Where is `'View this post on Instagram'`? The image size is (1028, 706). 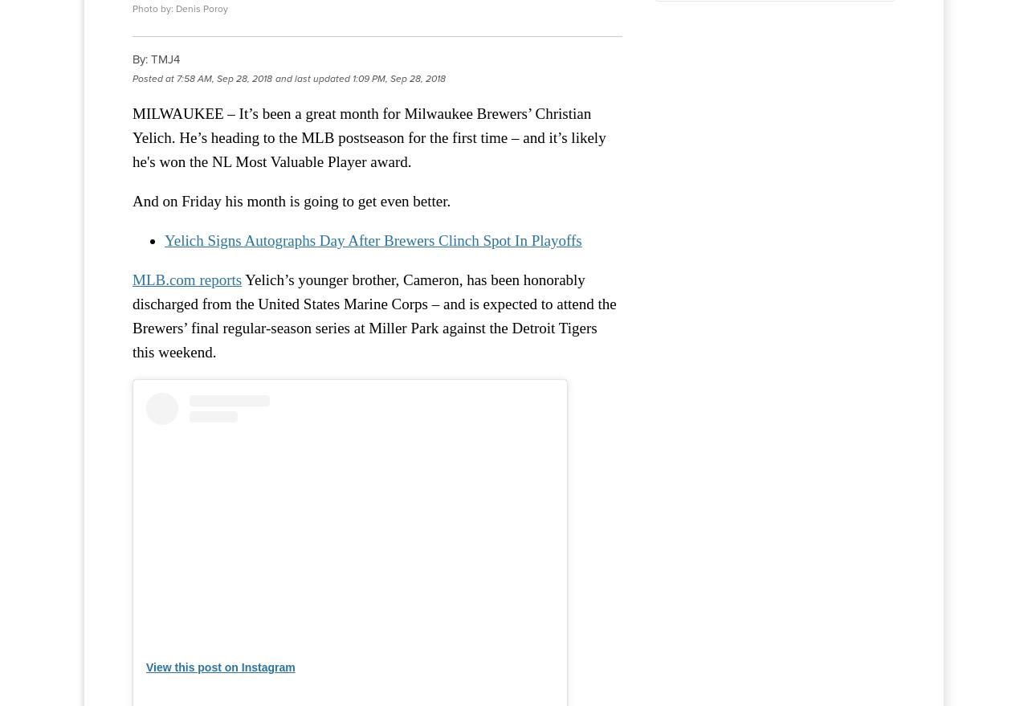 'View this post on Instagram' is located at coordinates (146, 667).